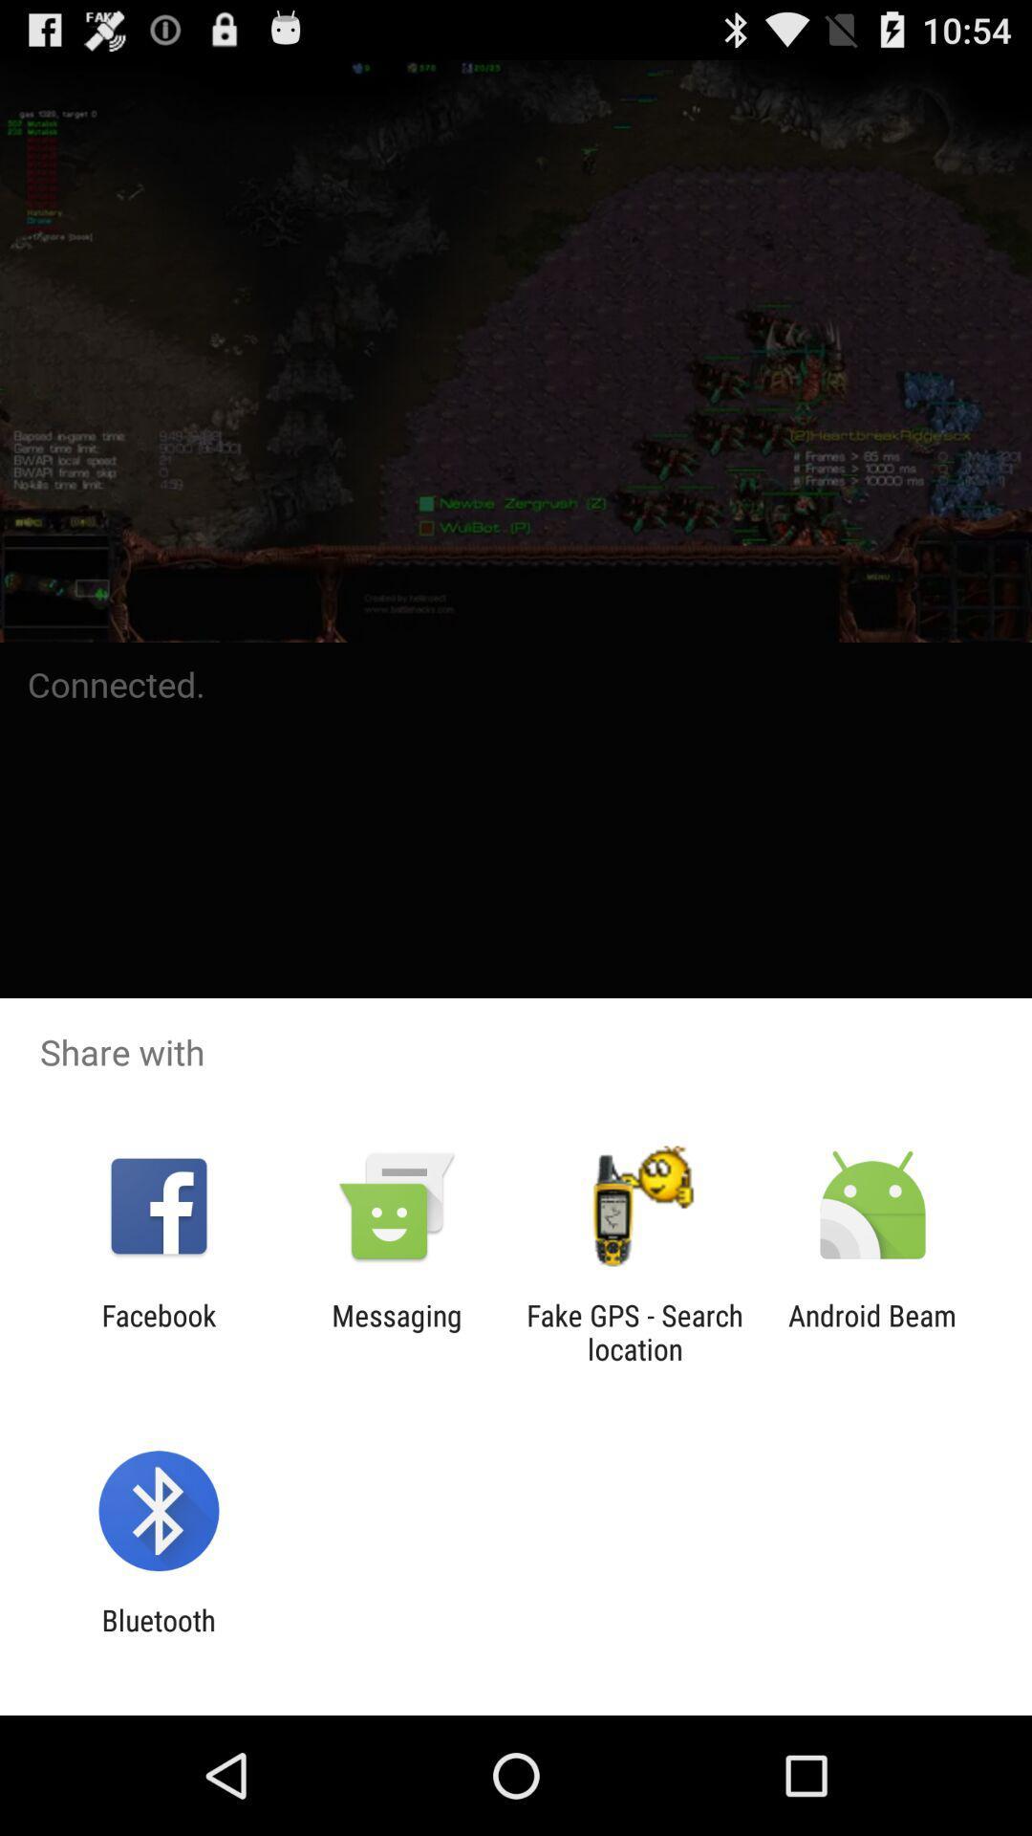  Describe the element at coordinates (396, 1331) in the screenshot. I see `icon to the right of facebook` at that location.